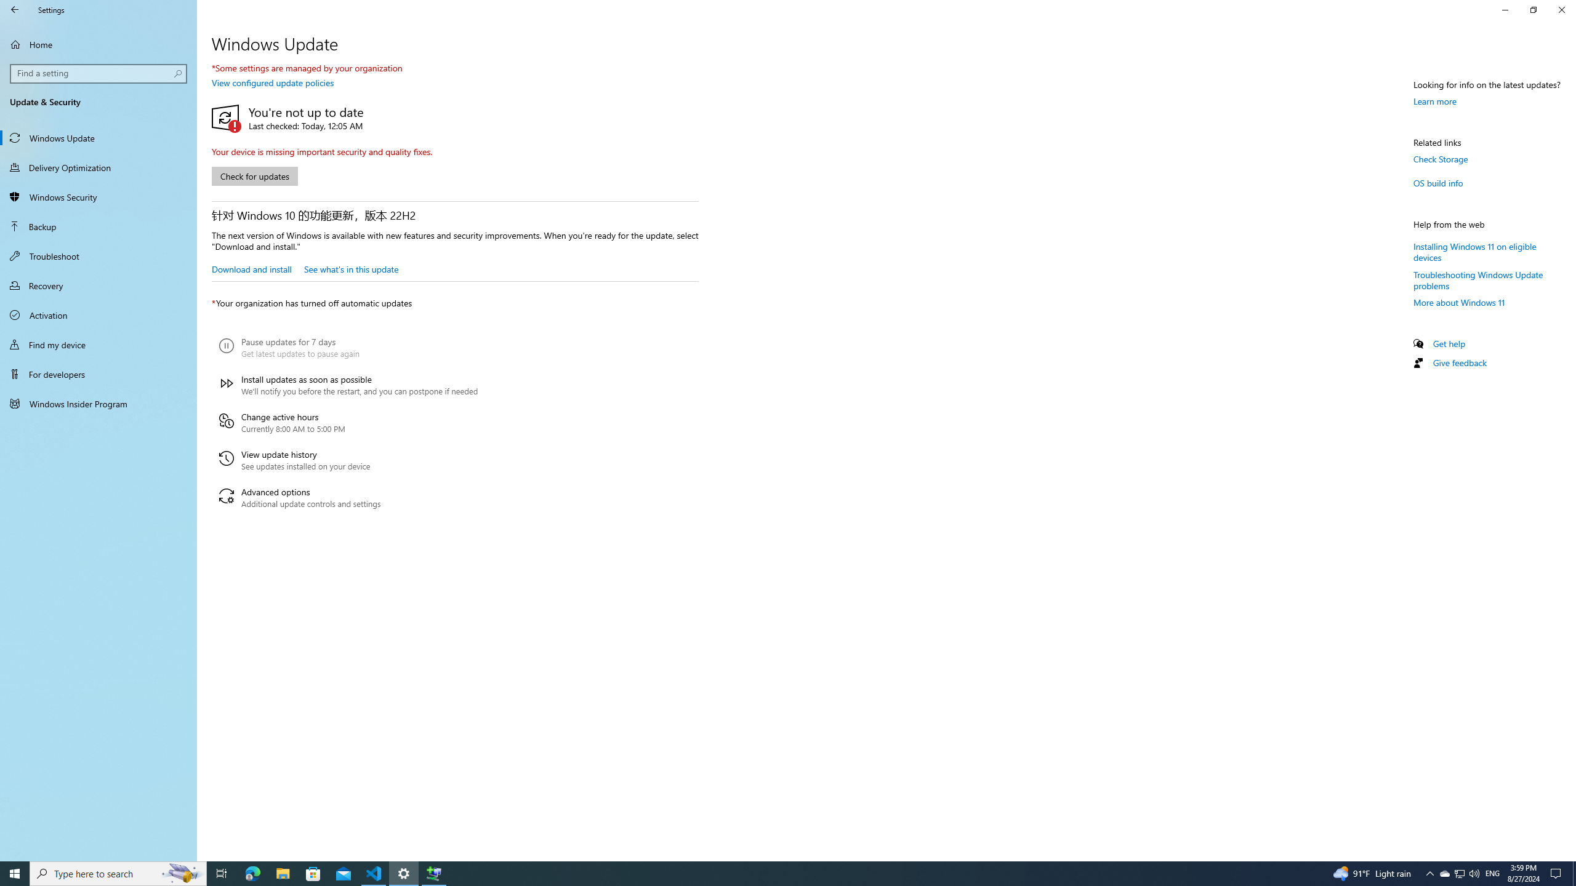 This screenshot has width=1576, height=886. Describe the element at coordinates (347, 347) in the screenshot. I see `'Pause updates for 7 days'` at that location.